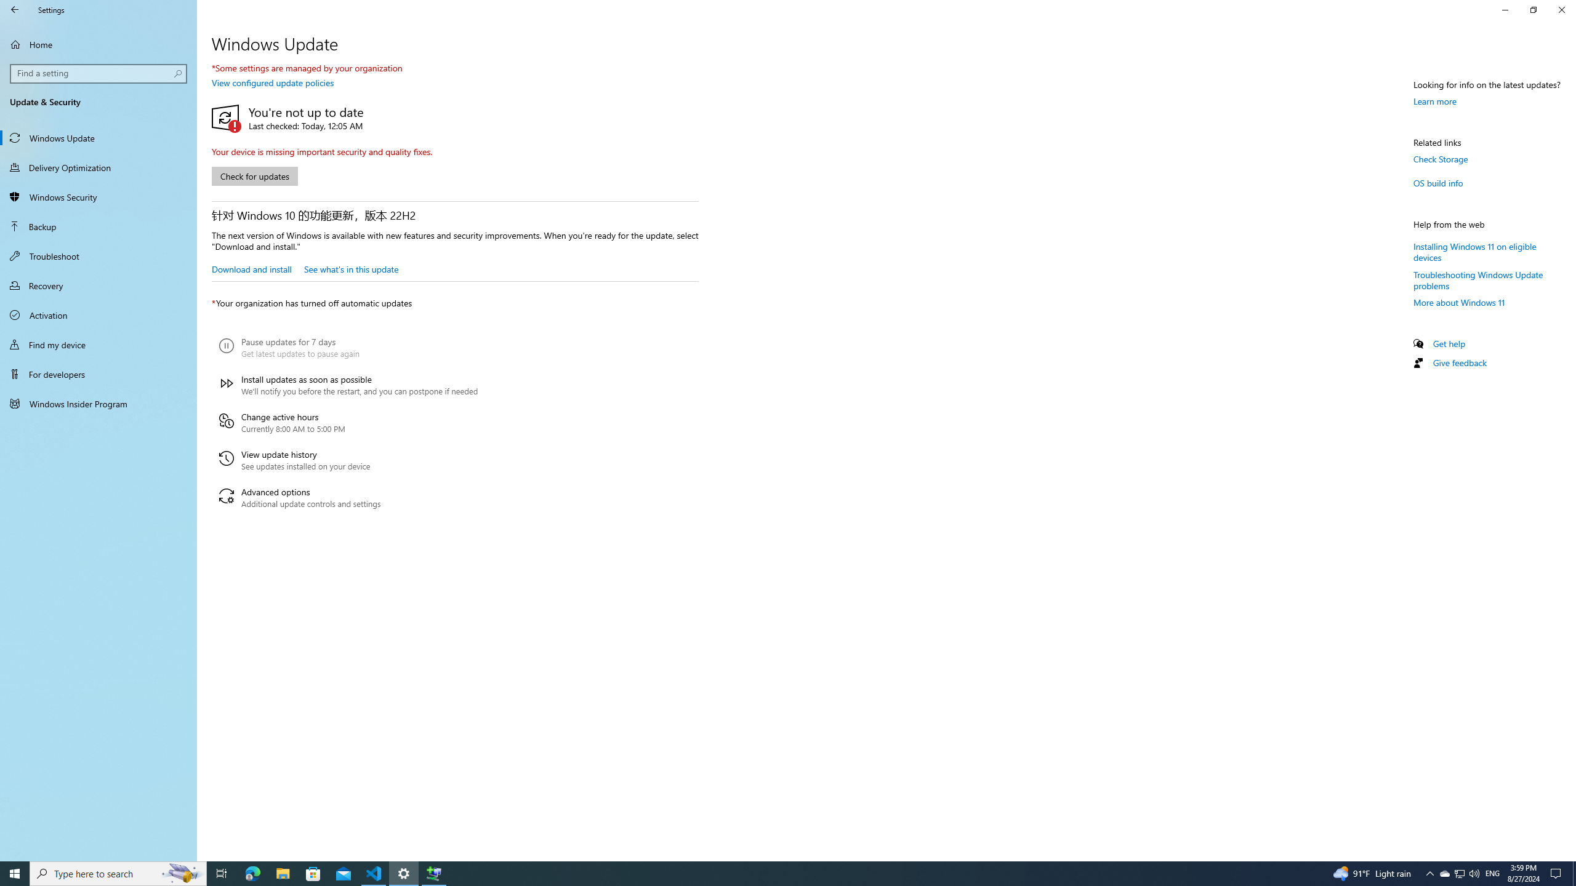 This screenshot has width=1576, height=886. Describe the element at coordinates (347, 347) in the screenshot. I see `'Pause updates for 7 days'` at that location.